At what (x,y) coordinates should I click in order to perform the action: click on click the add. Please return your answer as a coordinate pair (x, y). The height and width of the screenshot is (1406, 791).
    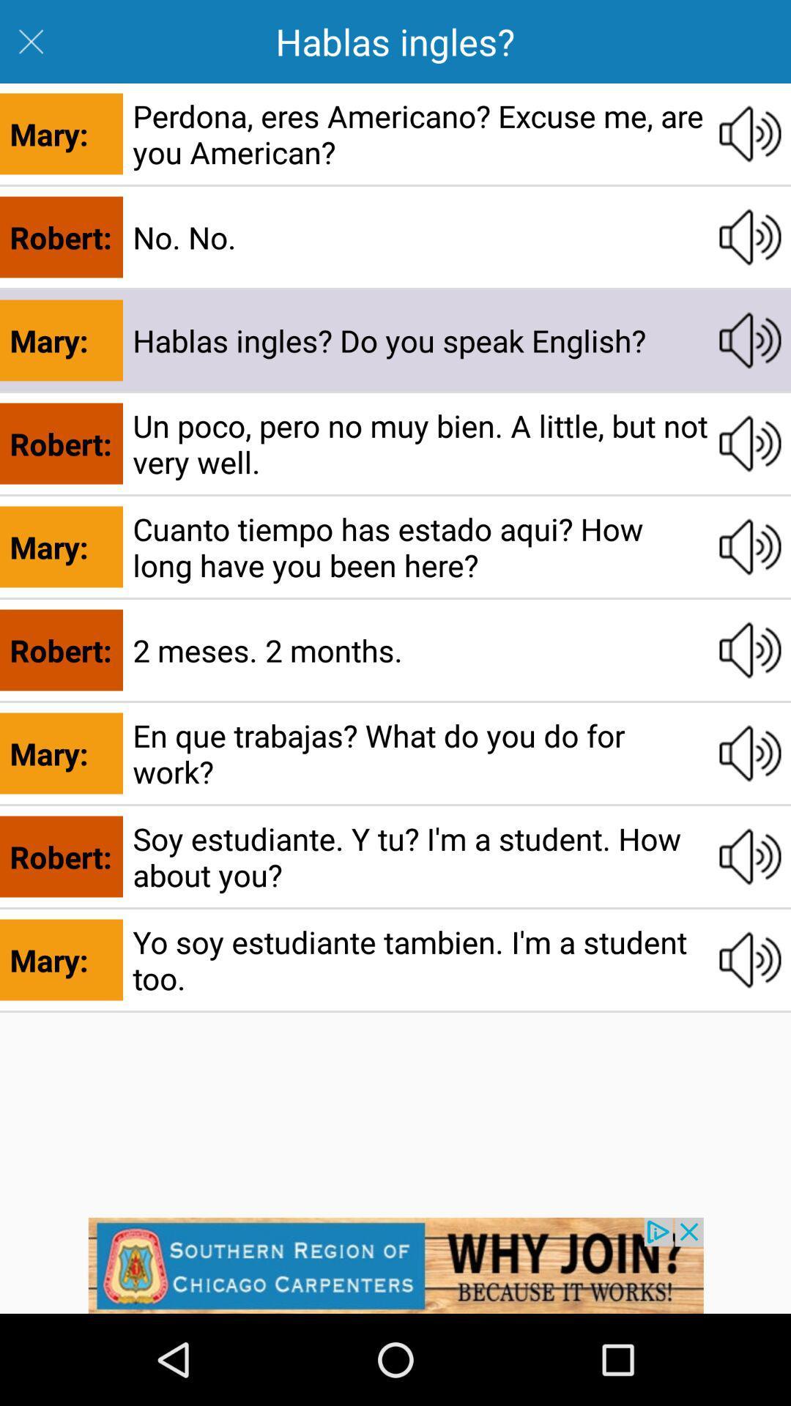
    Looking at the image, I should click on (395, 1265).